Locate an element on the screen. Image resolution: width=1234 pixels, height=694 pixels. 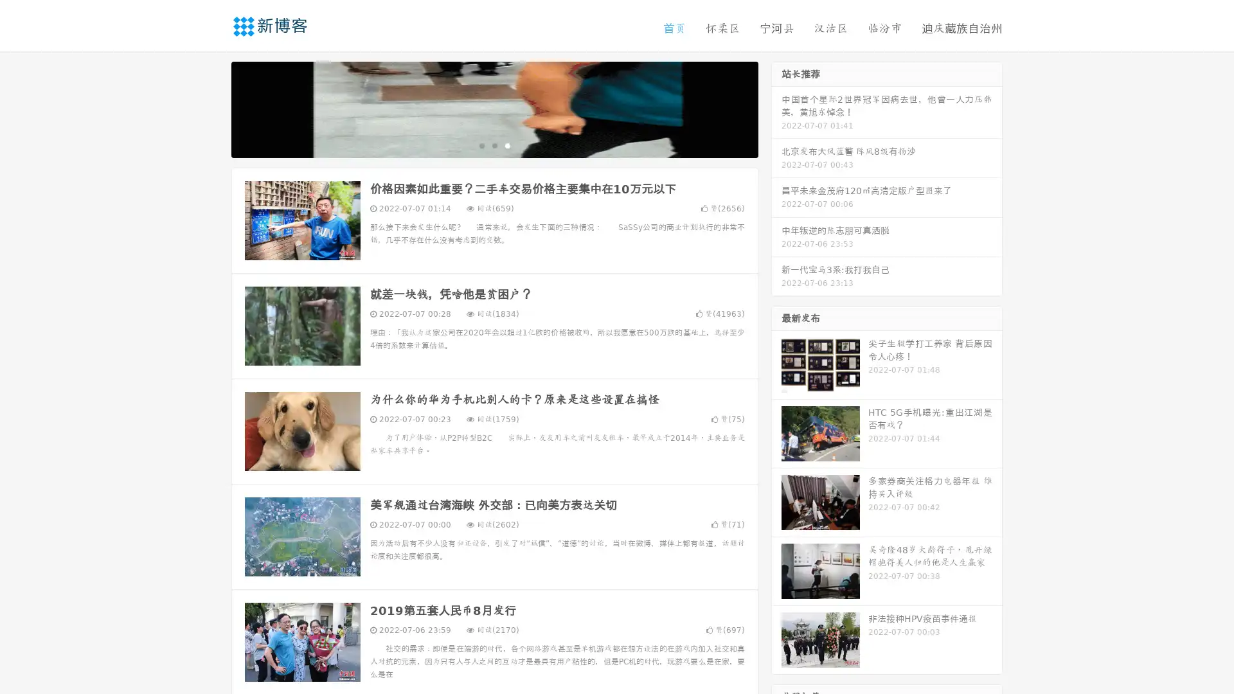
Previous slide is located at coordinates (212, 108).